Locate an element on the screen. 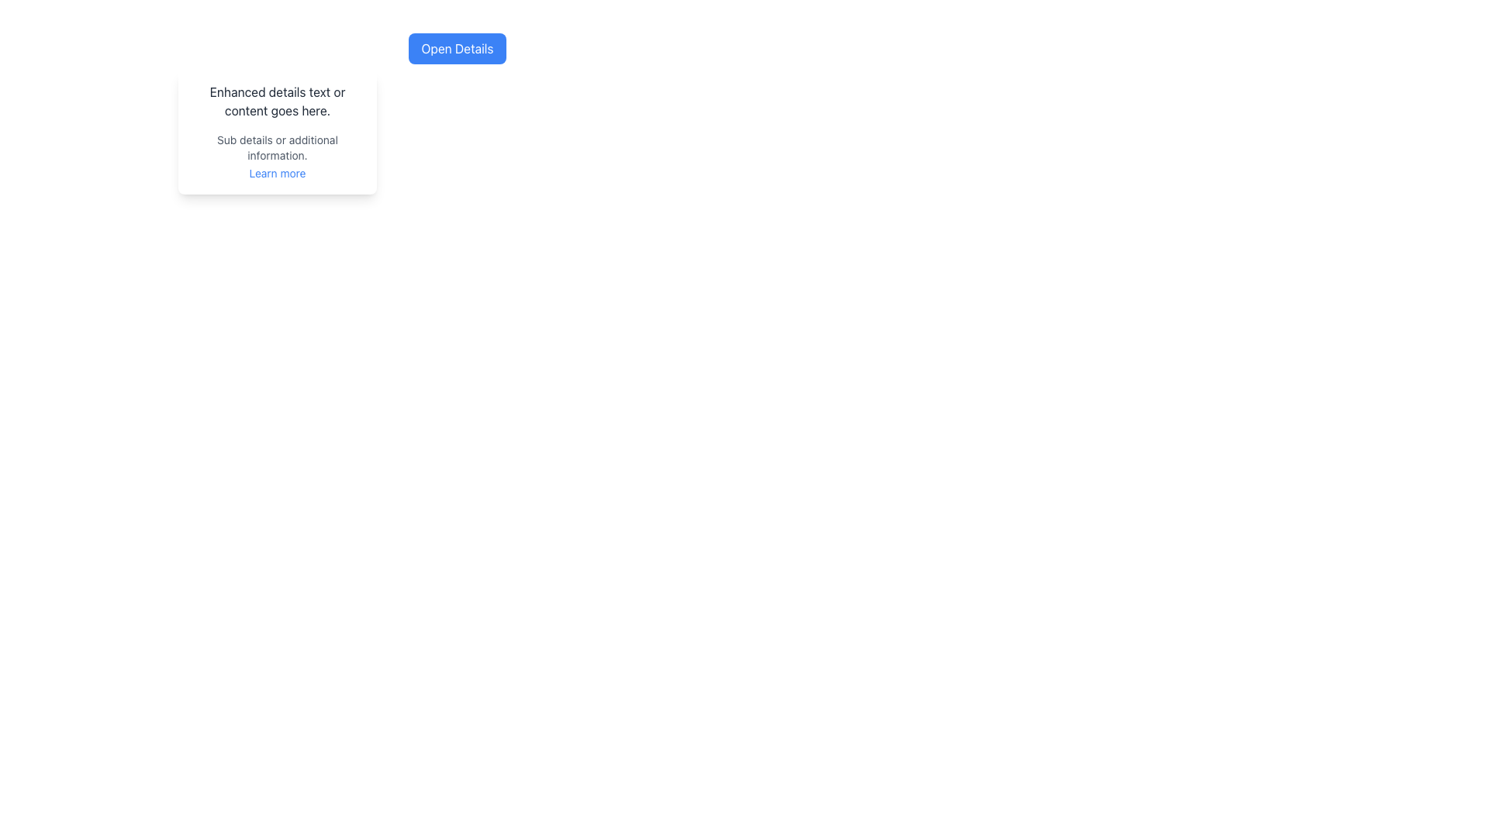  the blue button labeled 'Open Details' to trigger potential hover effects is located at coordinates (457, 47).